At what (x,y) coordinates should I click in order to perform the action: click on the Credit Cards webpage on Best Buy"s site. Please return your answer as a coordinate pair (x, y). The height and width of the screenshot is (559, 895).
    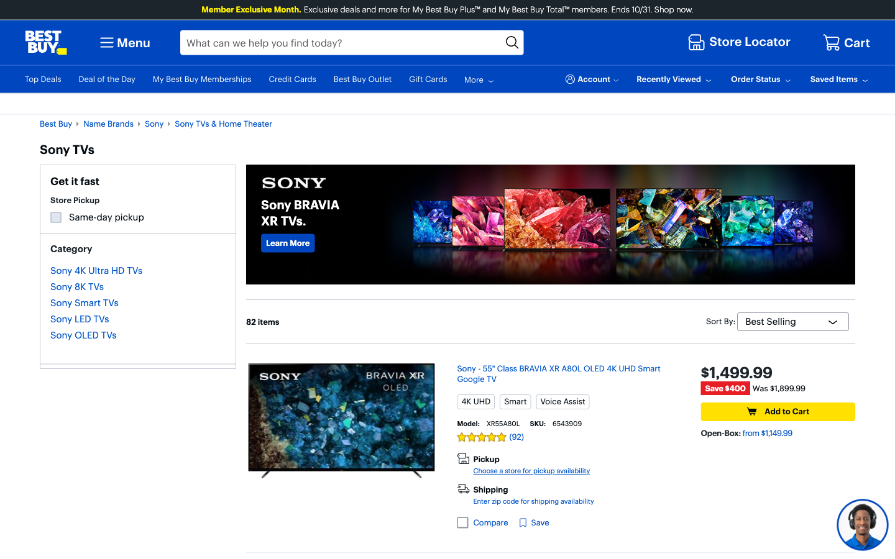
    Looking at the image, I should click on (288, 242).